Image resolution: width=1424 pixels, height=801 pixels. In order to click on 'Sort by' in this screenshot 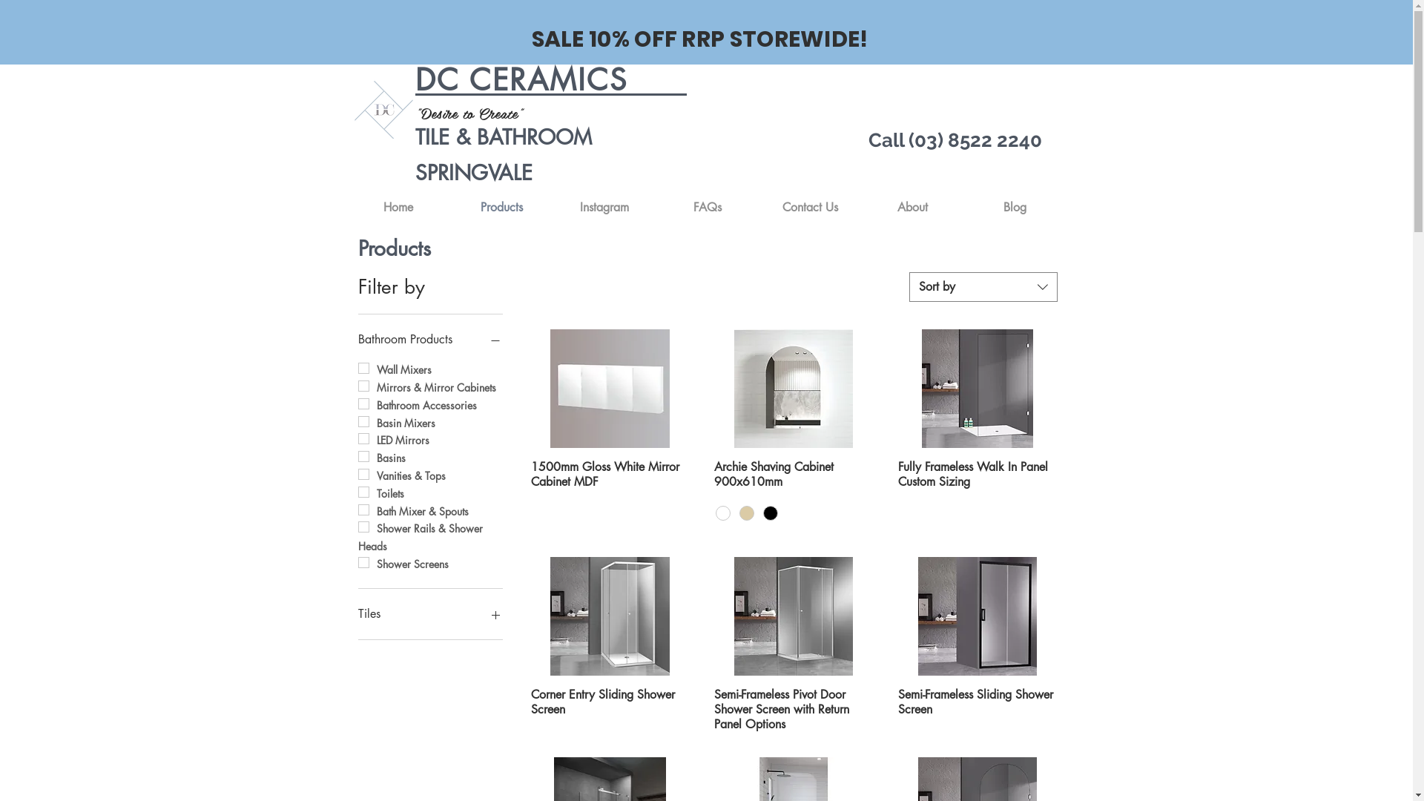, I will do `click(983, 286)`.